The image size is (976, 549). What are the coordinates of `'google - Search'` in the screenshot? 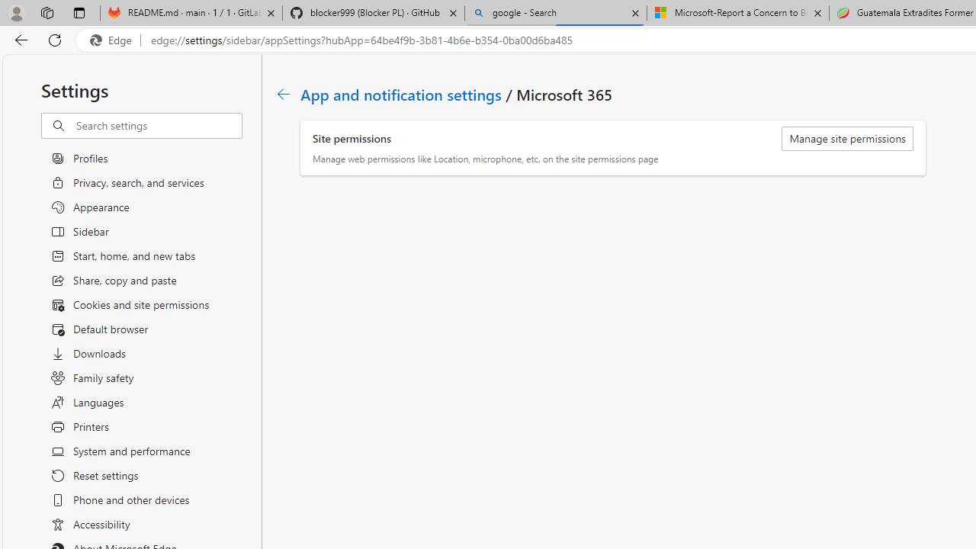 It's located at (555, 13).